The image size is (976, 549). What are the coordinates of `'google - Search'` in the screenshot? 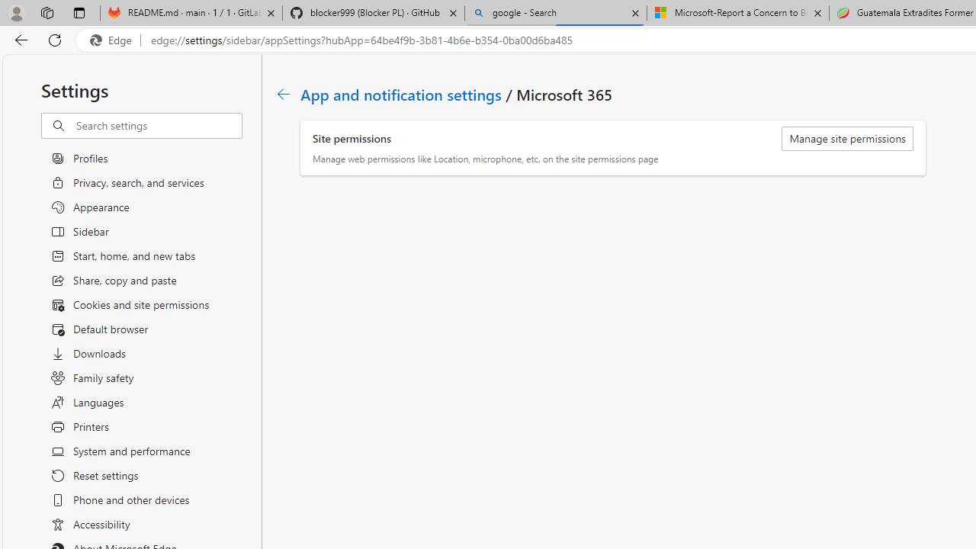 It's located at (555, 13).